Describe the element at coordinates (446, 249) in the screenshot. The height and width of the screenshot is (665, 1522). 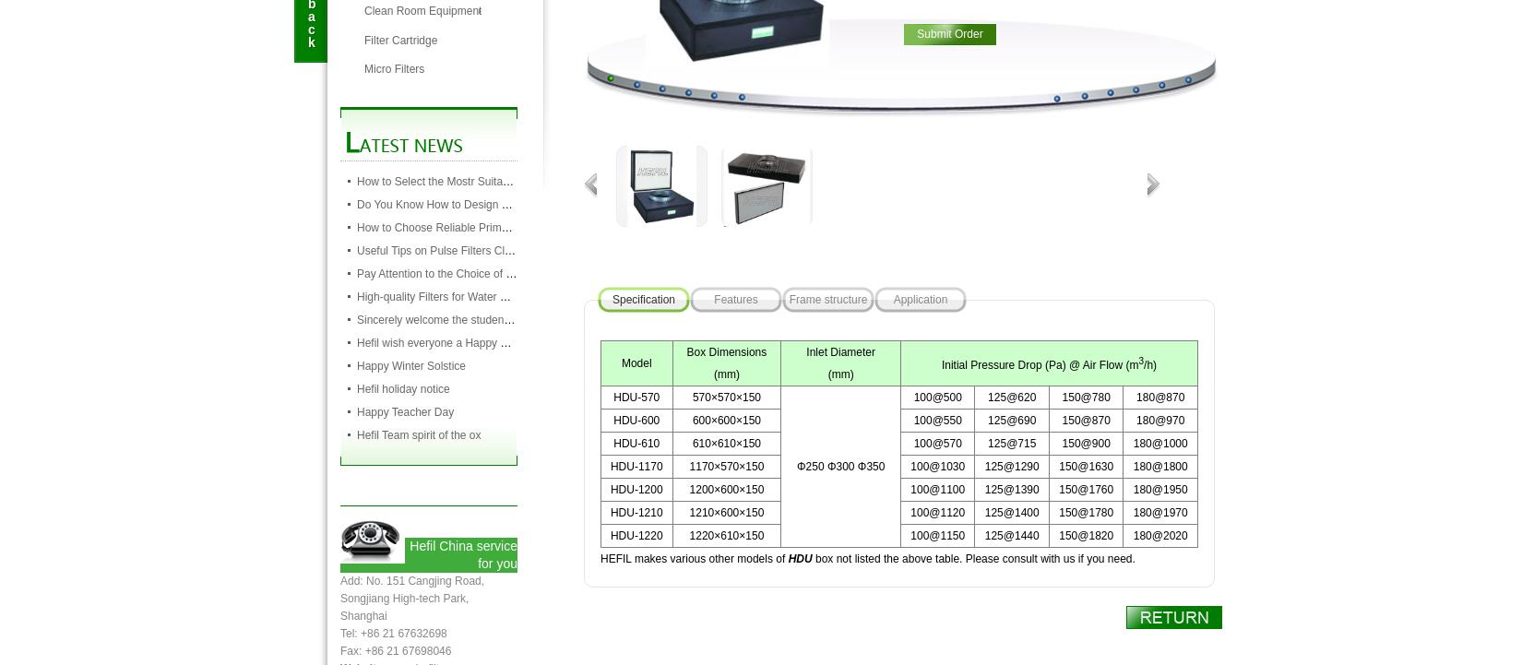
I see `'Useful Tips on Pulse Filters Cleaning'` at that location.